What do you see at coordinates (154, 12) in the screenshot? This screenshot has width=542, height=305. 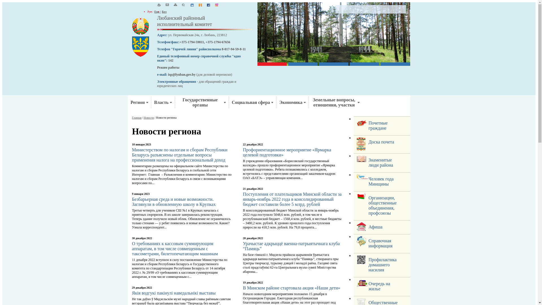 I see `'Eng /'` at bounding box center [154, 12].